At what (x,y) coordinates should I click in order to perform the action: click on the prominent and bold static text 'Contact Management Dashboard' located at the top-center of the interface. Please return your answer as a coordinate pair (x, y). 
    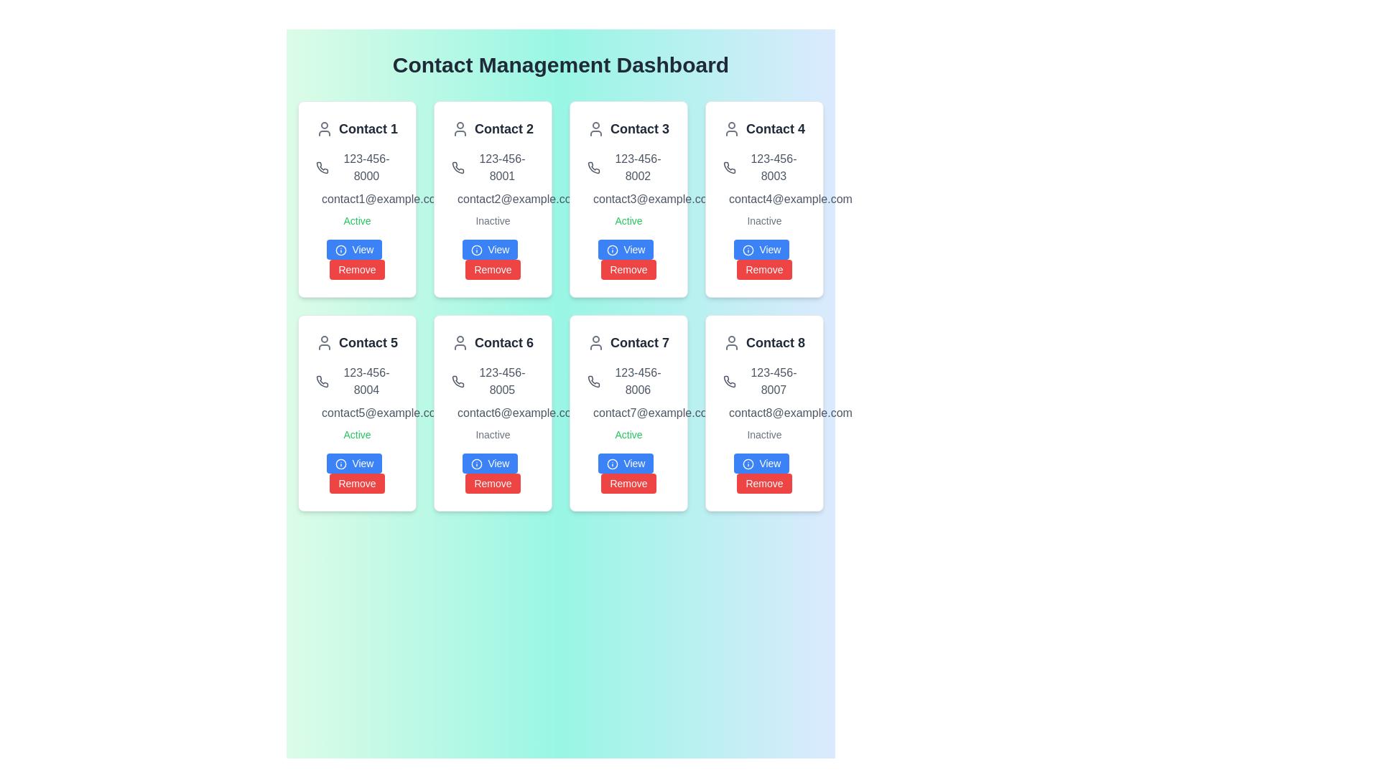
    Looking at the image, I should click on (560, 65).